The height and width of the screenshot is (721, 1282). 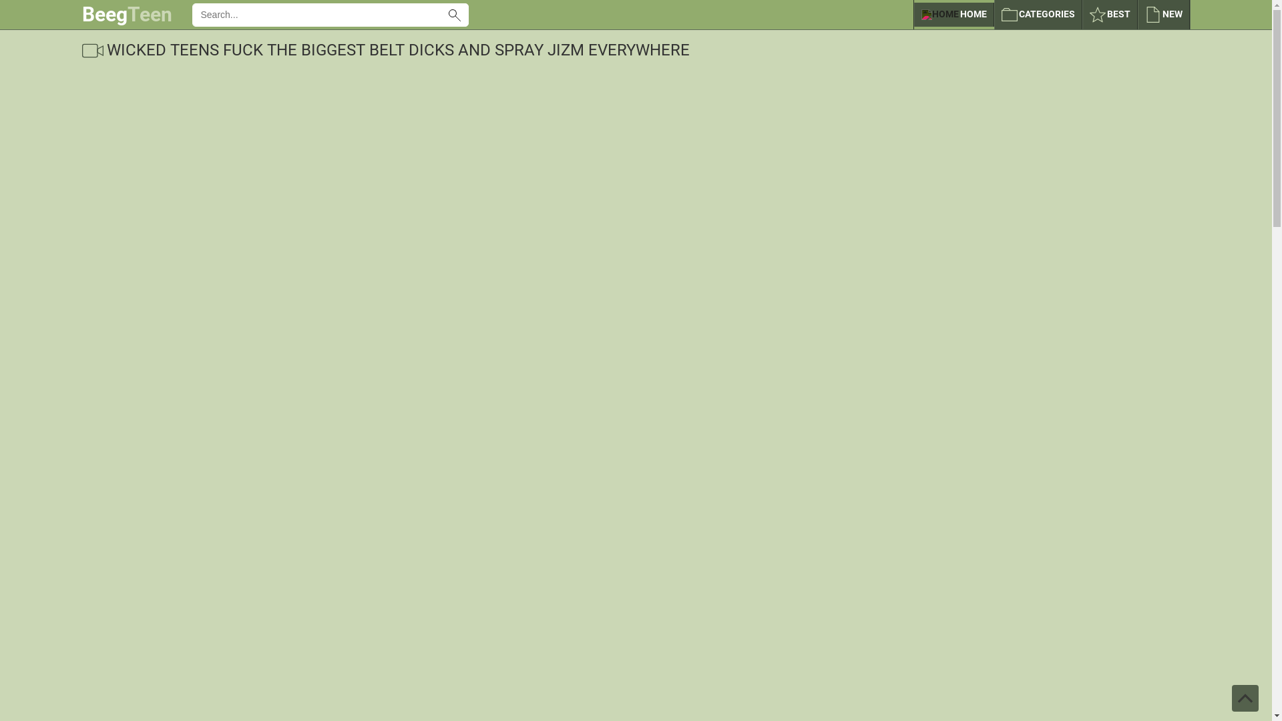 What do you see at coordinates (192, 14) in the screenshot?
I see `'Use Latin letters, digits, space, -'` at bounding box center [192, 14].